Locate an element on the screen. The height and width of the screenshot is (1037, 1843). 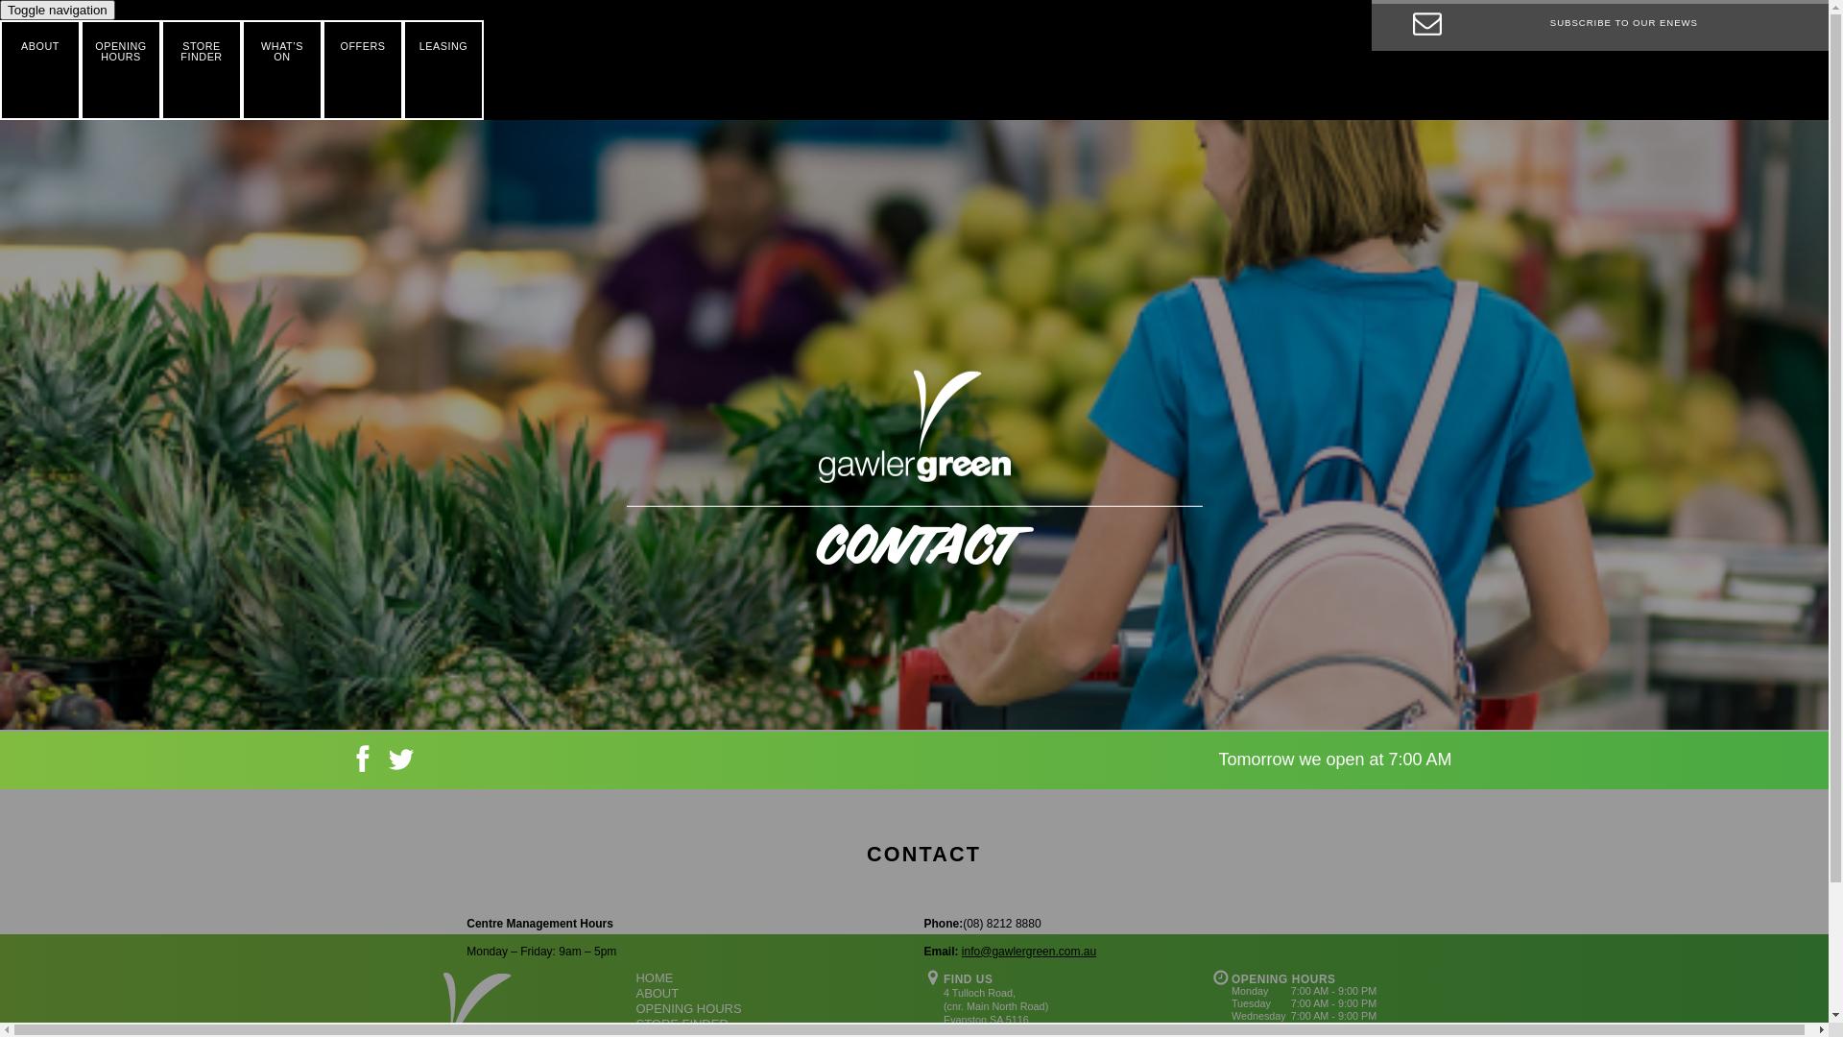
'Twitter' is located at coordinates (399, 762).